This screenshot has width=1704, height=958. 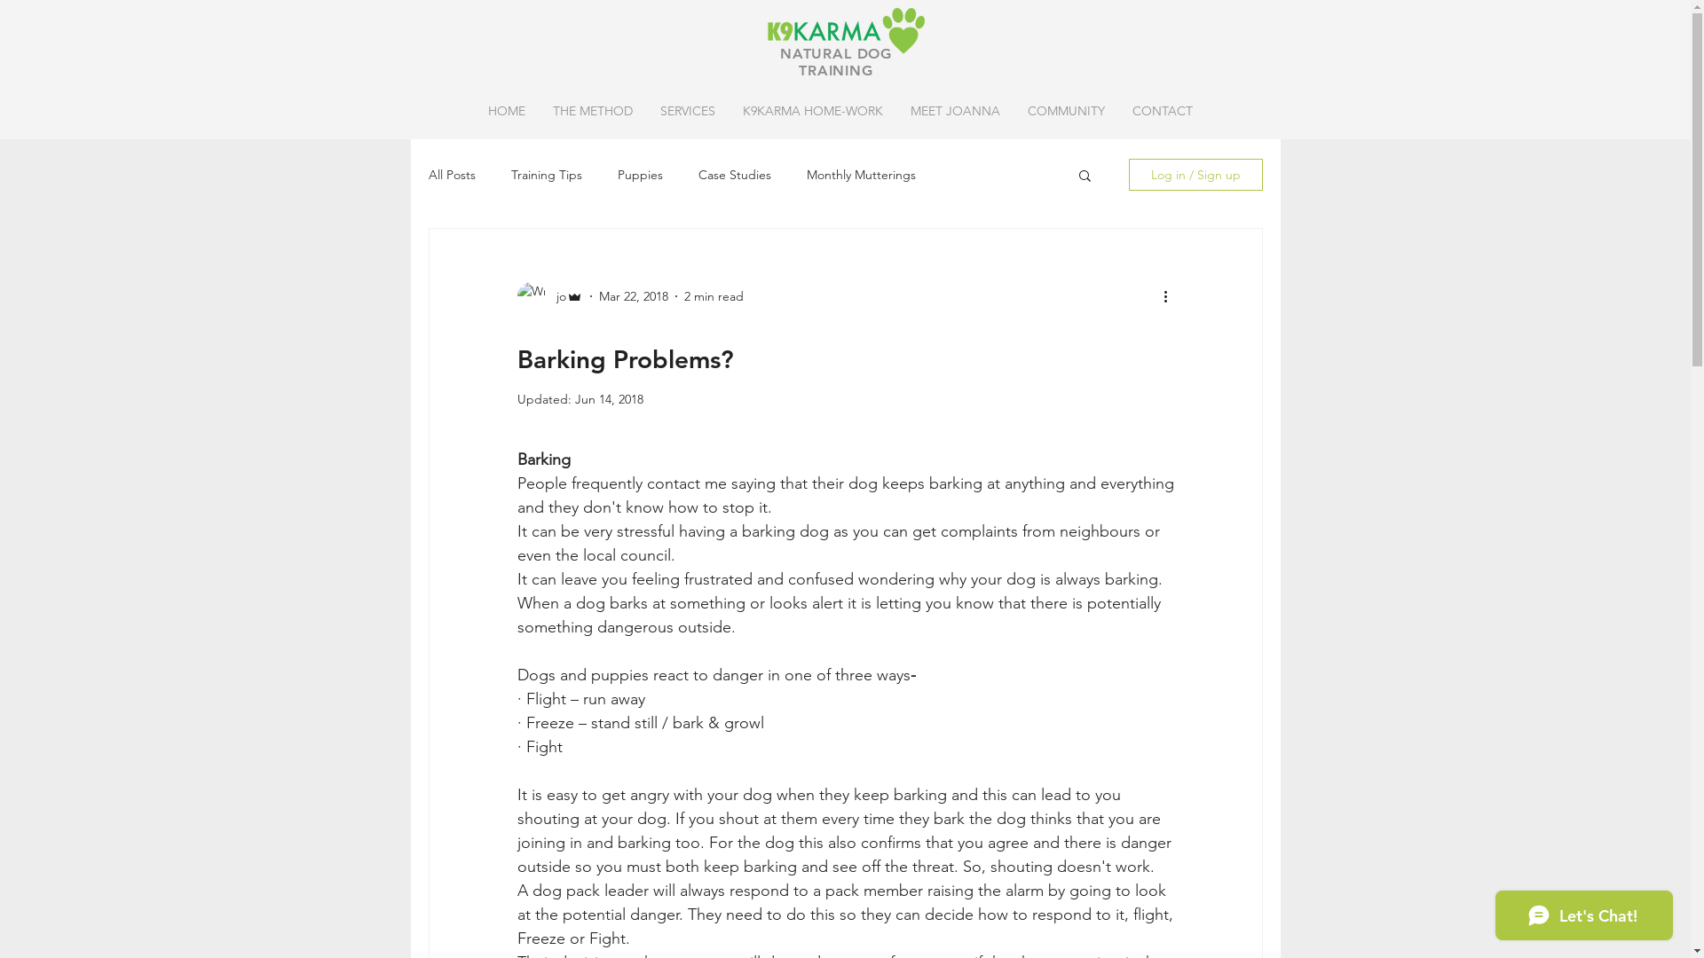 What do you see at coordinates (895, 110) in the screenshot?
I see `'MEET JOANNA'` at bounding box center [895, 110].